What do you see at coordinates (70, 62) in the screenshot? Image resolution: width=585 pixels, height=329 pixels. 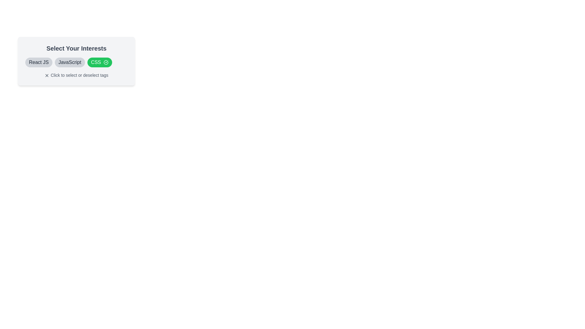 I see `the selectable tag button for 'JavaScript'` at bounding box center [70, 62].